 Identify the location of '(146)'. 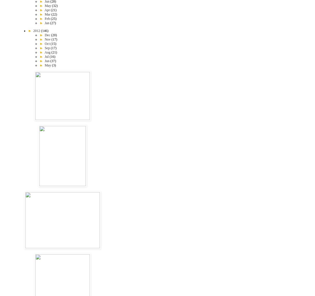
(44, 30).